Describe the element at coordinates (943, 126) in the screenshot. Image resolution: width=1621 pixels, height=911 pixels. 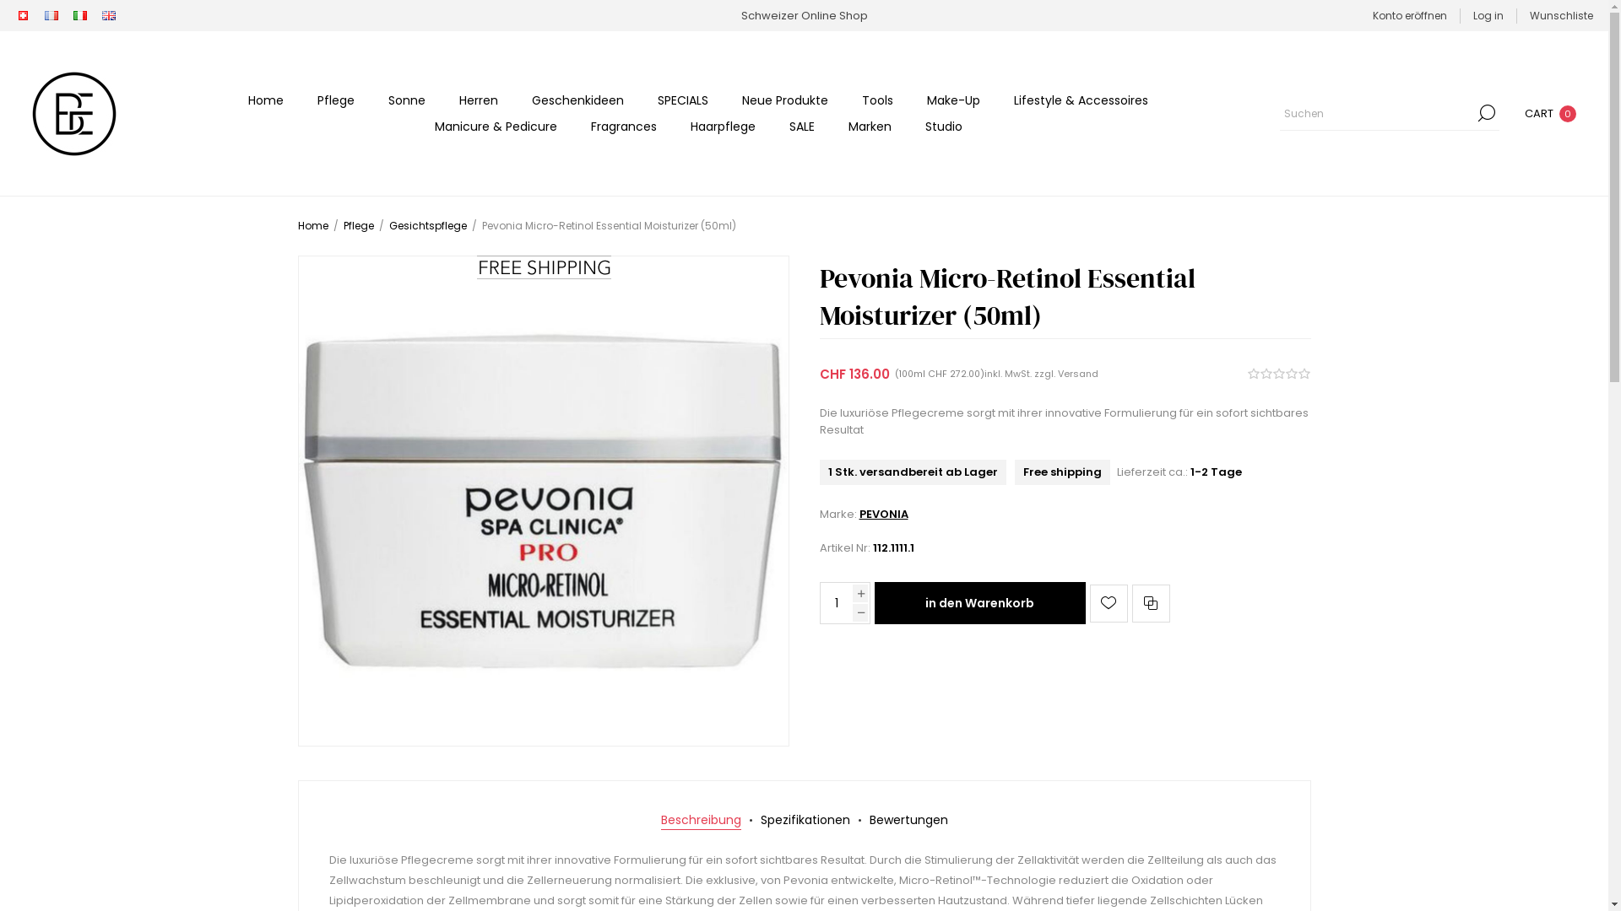
I see `'Studio'` at that location.